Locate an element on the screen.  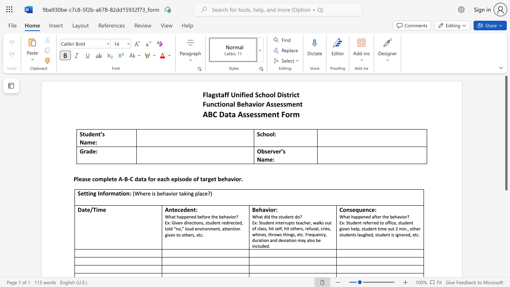
the subset text "or" within the text "What happened after the behavior?" is located at coordinates (403, 216).